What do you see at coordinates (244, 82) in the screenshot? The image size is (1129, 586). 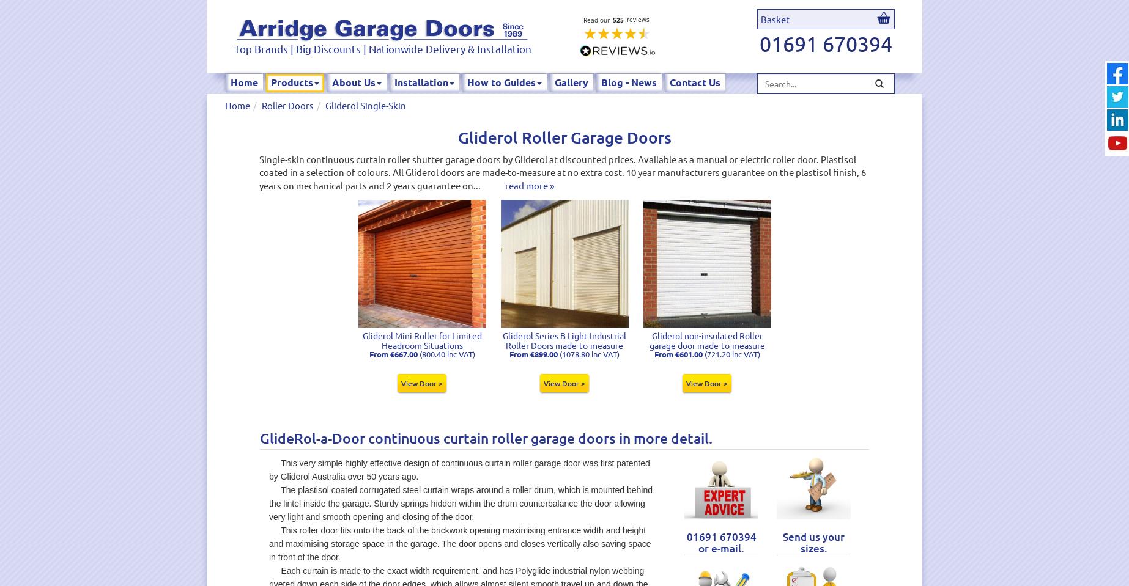 I see `'Home'` at bounding box center [244, 82].